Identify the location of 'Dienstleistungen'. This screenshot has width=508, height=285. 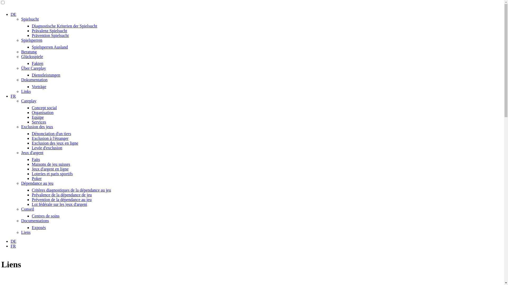
(46, 75).